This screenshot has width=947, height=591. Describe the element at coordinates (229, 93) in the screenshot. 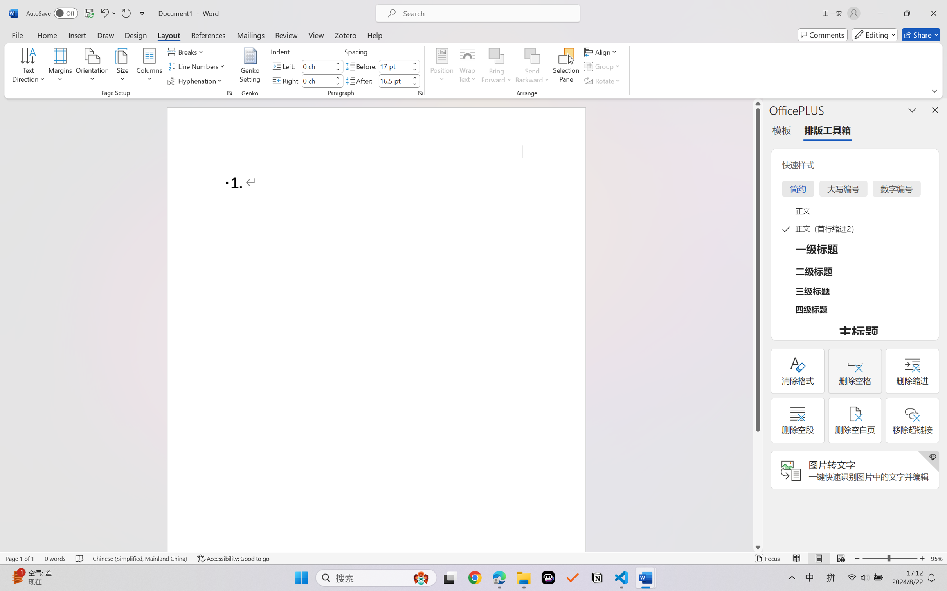

I see `'Page Setup...'` at that location.